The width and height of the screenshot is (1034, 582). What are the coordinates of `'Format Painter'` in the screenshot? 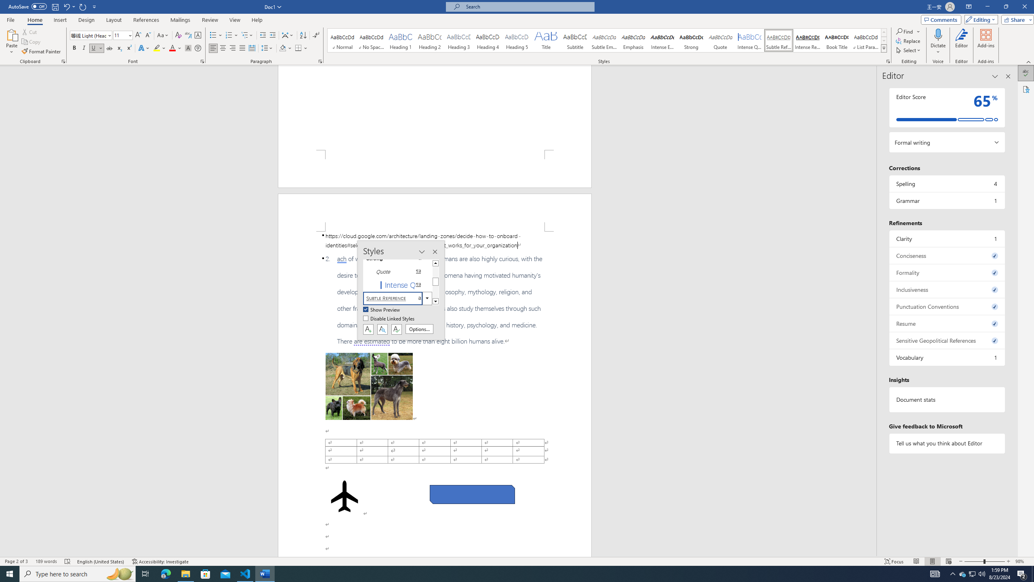 It's located at (41, 51).